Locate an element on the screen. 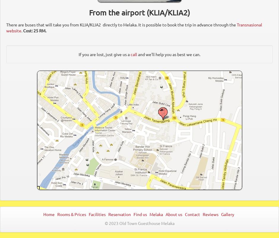 The image size is (279, 238). 'Cost: 25 RM.' is located at coordinates (35, 30).